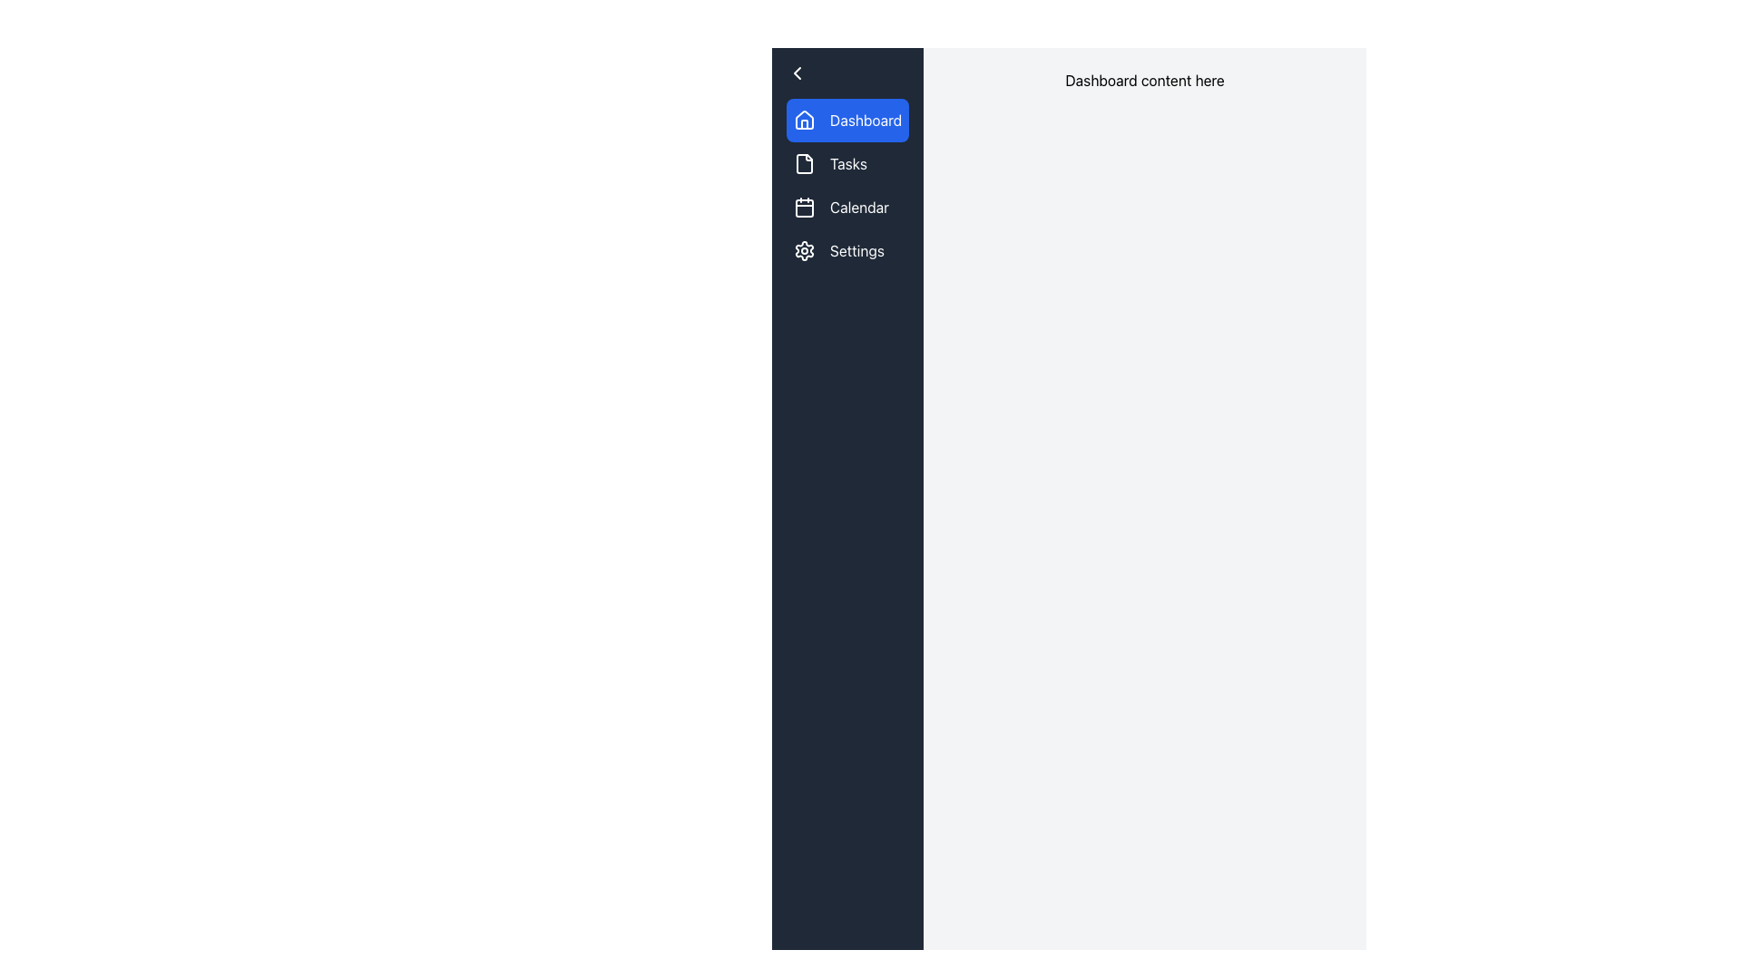  Describe the element at coordinates (1144, 79) in the screenshot. I see `the text label displaying 'Dashboard content here', which is bold and centered near the top-center of the main content section` at that location.